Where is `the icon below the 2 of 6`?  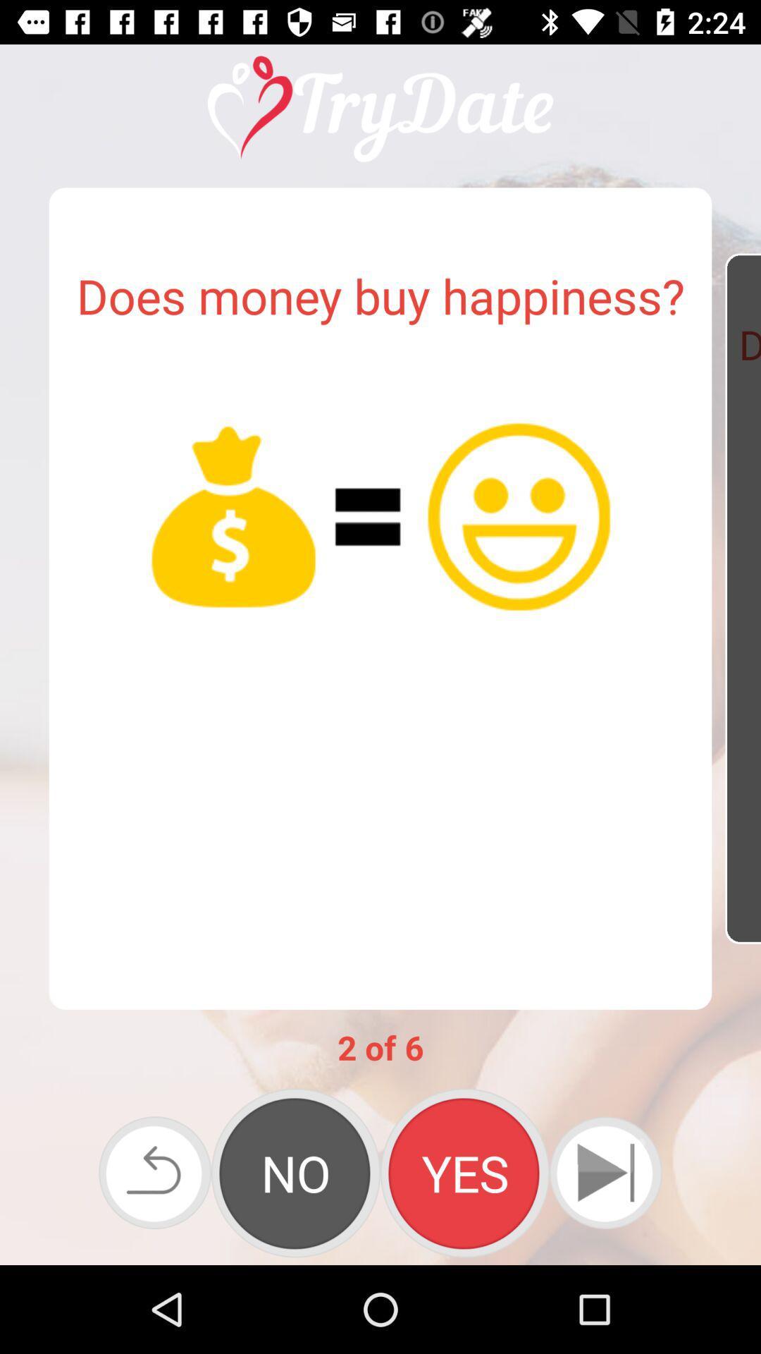 the icon below the 2 of 6 is located at coordinates (155, 1173).